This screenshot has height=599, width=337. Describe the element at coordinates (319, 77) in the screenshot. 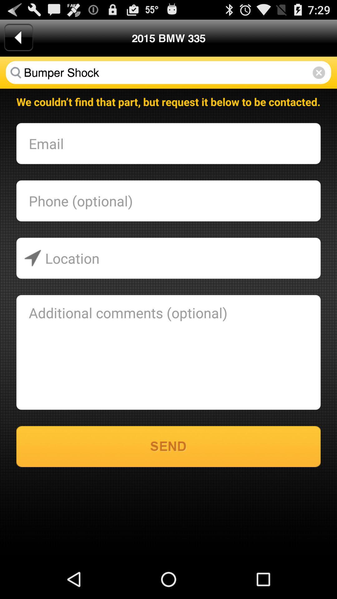

I see `the close icon` at that location.